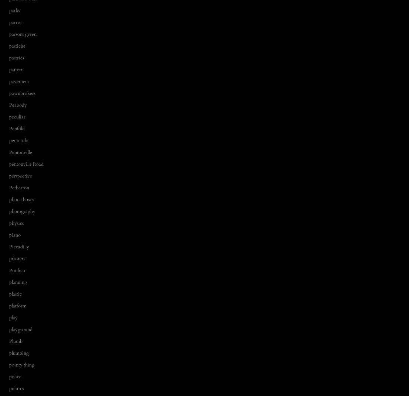  Describe the element at coordinates (17, 270) in the screenshot. I see `'Pimlico'` at that location.